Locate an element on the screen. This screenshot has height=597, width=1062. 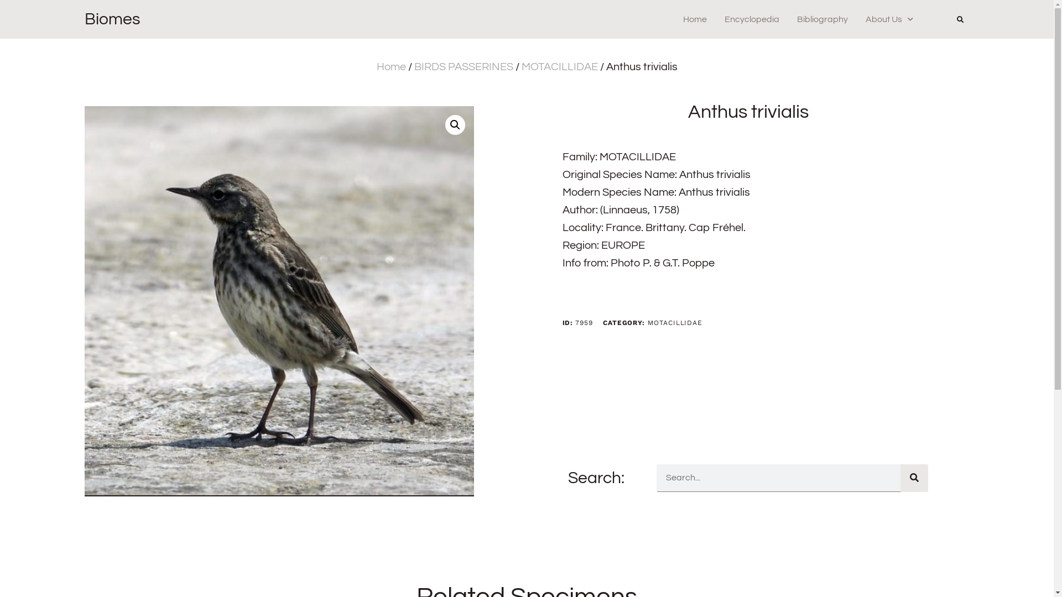
'About Us' is located at coordinates (889, 19).